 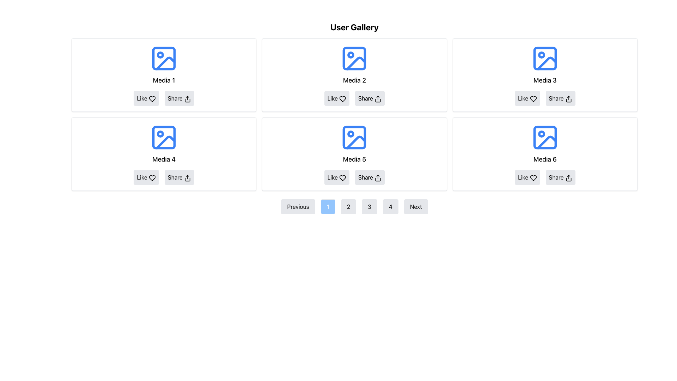 I want to click on the sharing button located to the right of the 'Like' button beneath the 'Media 6' image to initiate the sharing function, so click(x=560, y=177).